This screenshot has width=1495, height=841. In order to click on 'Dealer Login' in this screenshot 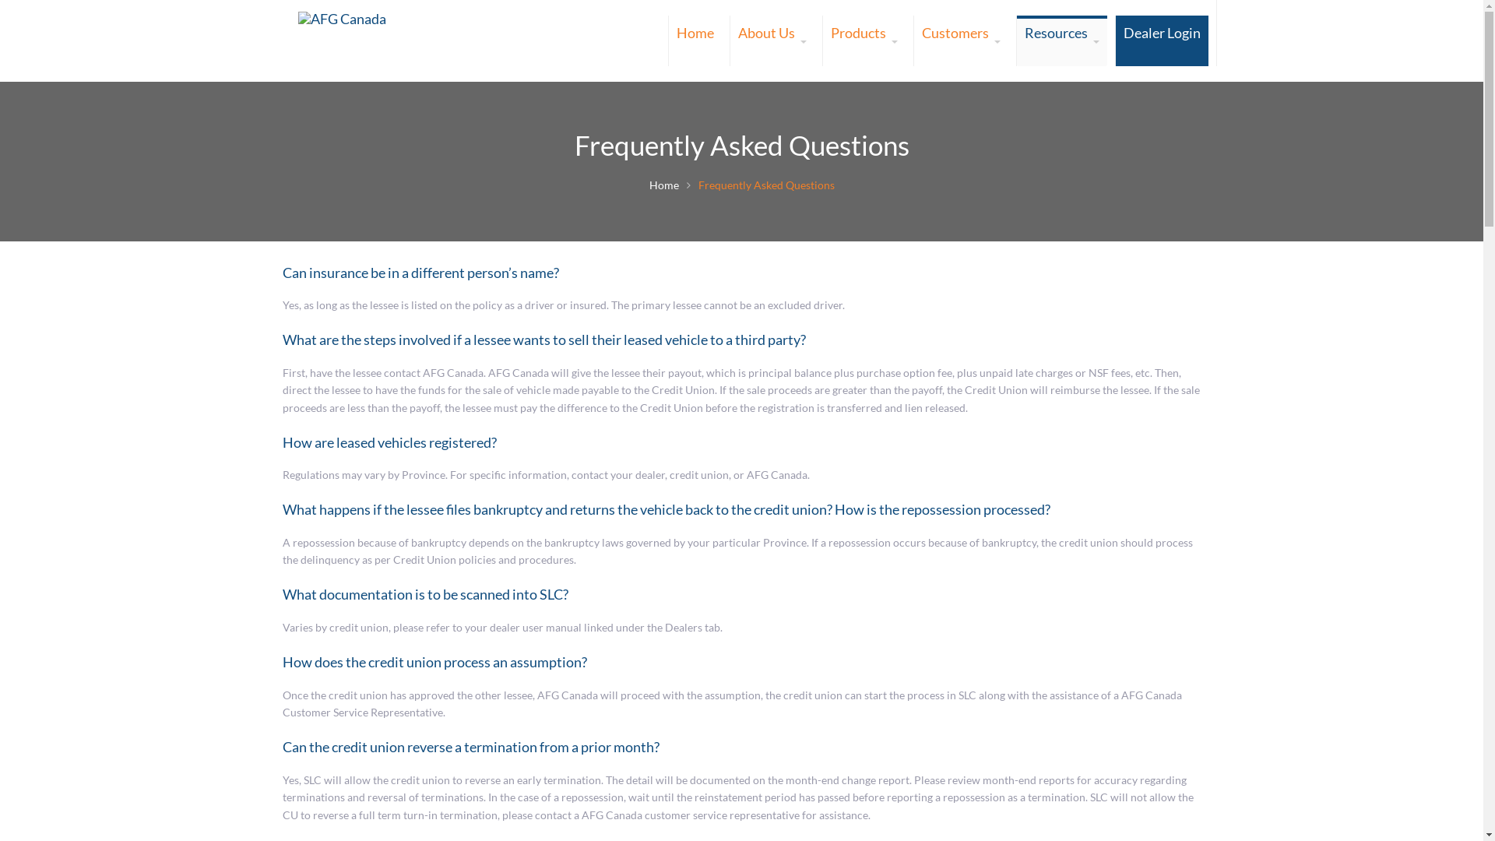, I will do `click(1113, 40)`.